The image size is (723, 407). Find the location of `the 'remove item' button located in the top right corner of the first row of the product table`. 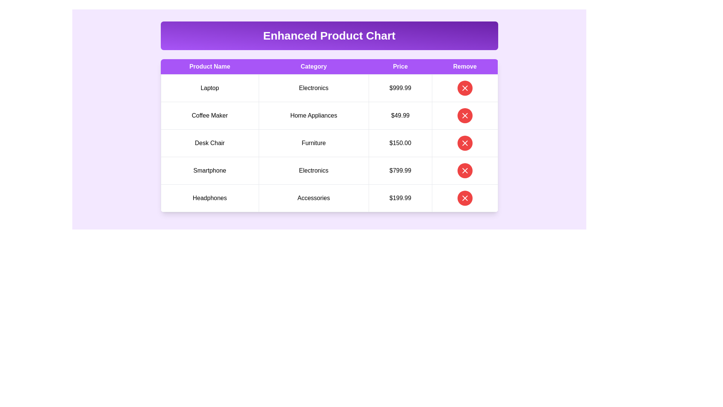

the 'remove item' button located in the top right corner of the first row of the product table is located at coordinates (464, 88).